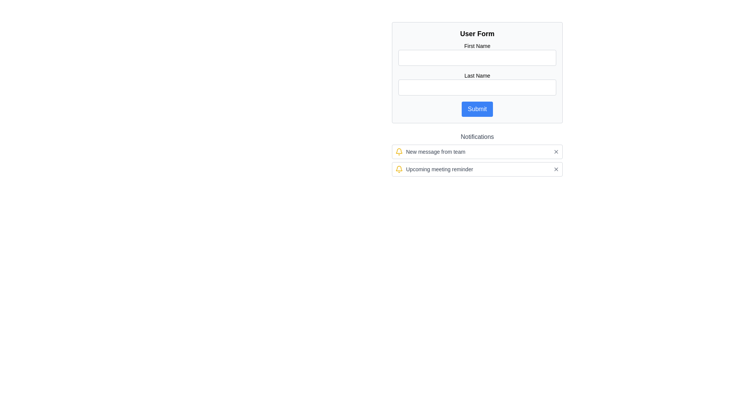 The height and width of the screenshot is (411, 732). I want to click on the submit button located in the 'User Form', which is positioned centrally below the 'First Name' and 'Last Name' input fields, so click(477, 109).